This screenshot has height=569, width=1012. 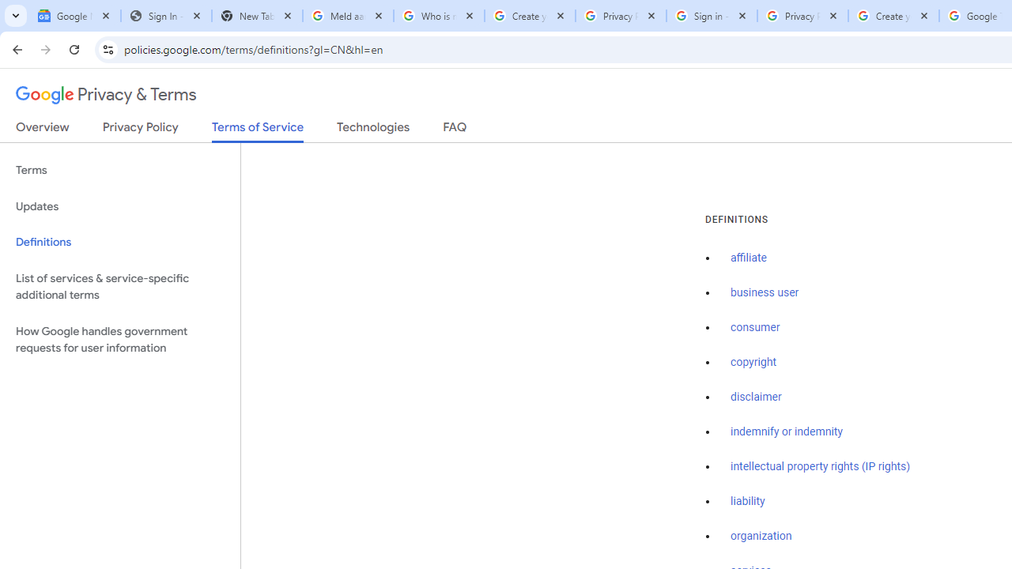 I want to click on 'intellectual property rights (IP rights)', so click(x=821, y=465).